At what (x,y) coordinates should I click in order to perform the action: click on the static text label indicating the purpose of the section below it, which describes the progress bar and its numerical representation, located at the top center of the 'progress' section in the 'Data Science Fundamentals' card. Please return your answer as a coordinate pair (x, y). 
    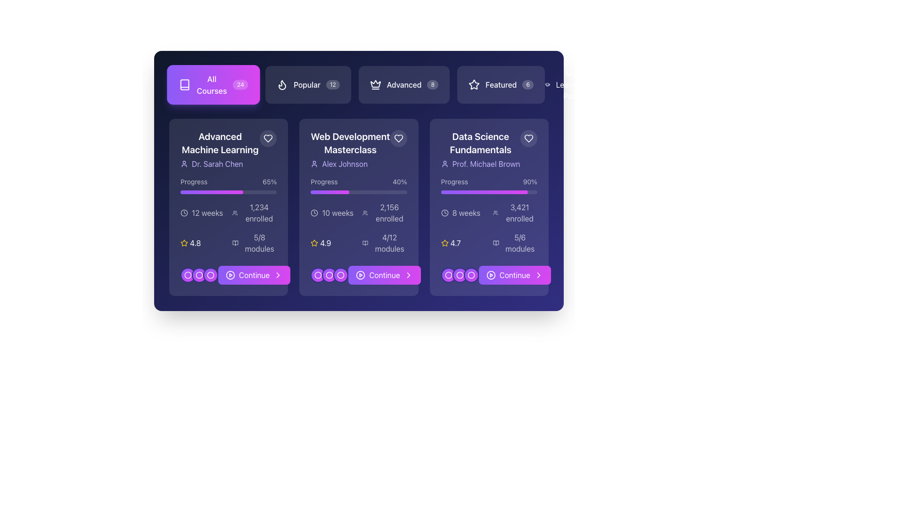
    Looking at the image, I should click on (454, 181).